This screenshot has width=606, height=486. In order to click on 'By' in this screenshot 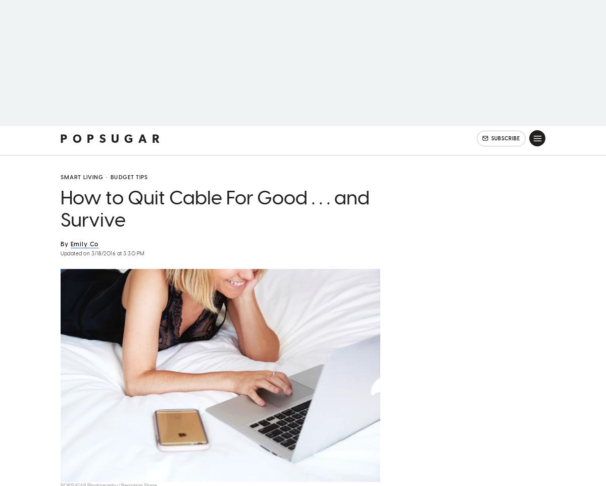, I will do `click(64, 257)`.